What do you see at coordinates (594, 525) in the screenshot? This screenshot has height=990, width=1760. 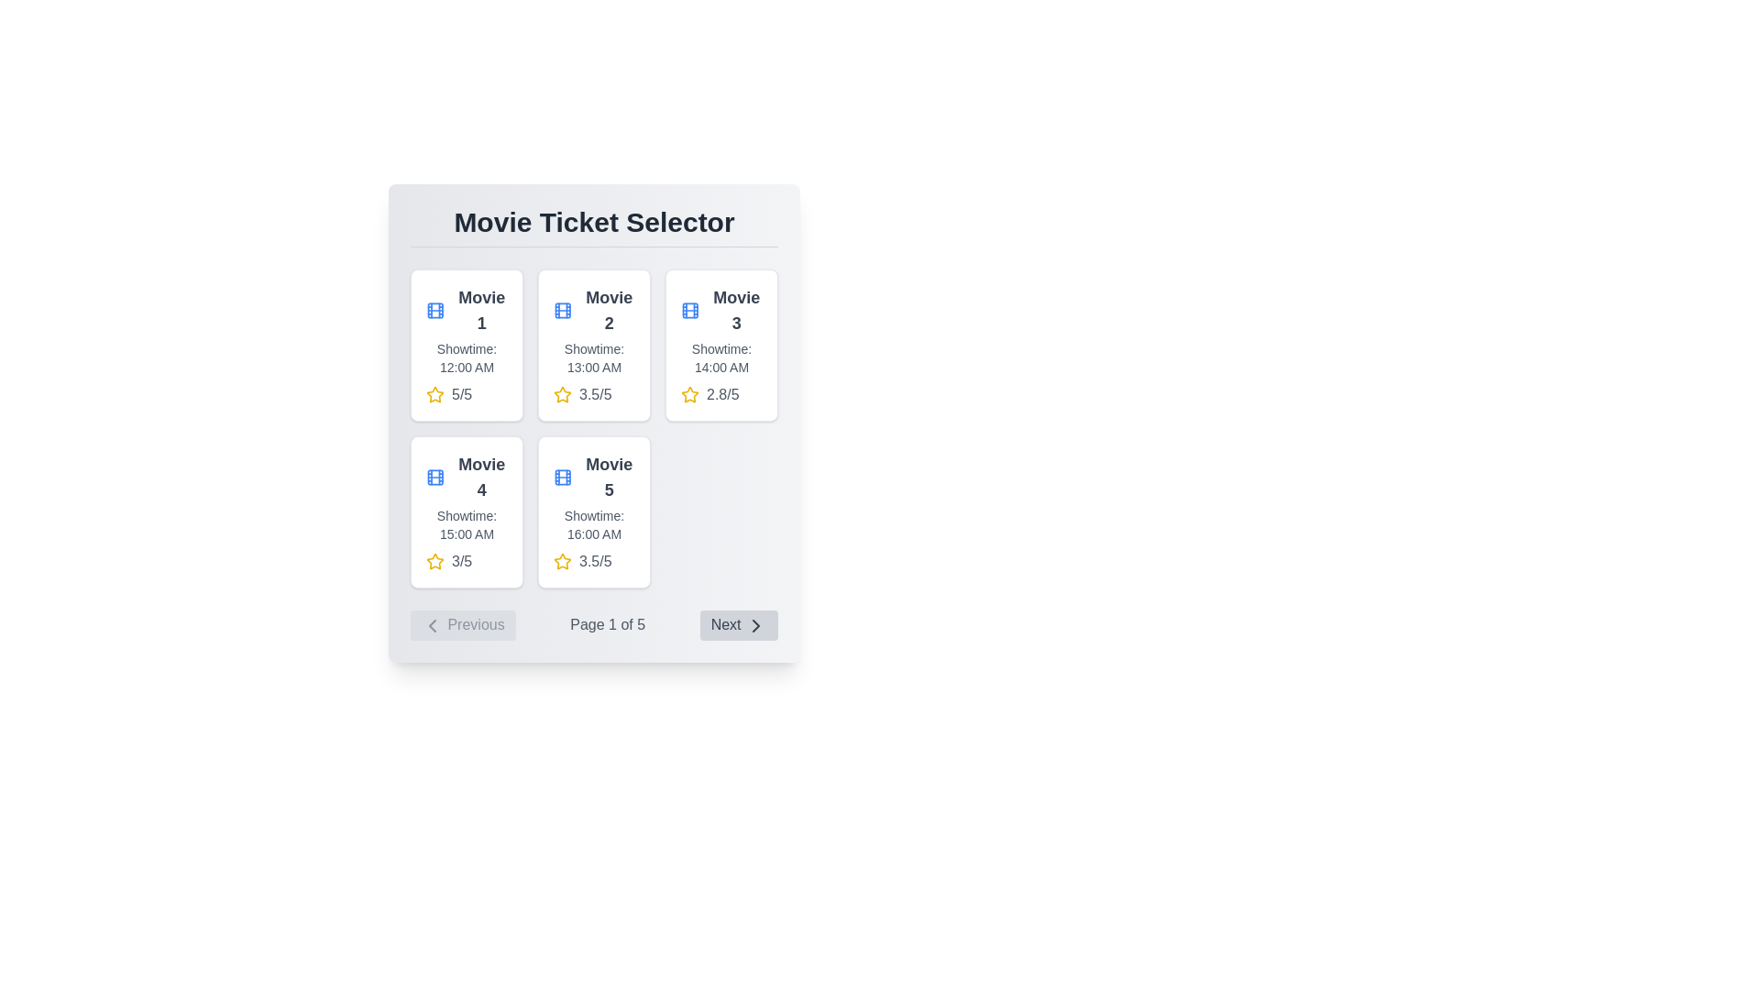 I see `the text display showing the showtime for 'Movie 5' located in the grid layout, positioned below the movie title and above the rating section` at bounding box center [594, 525].